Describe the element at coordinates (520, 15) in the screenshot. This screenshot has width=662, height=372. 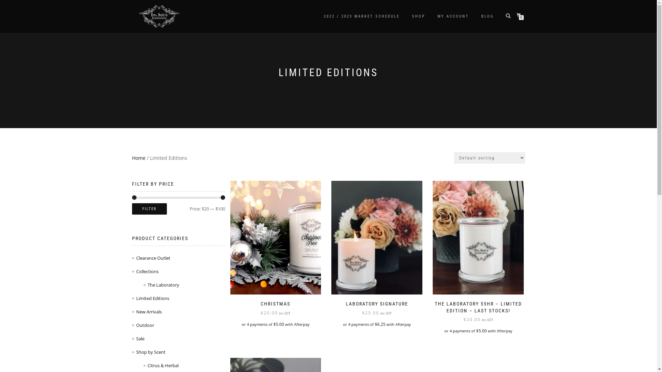
I see `'0'` at that location.